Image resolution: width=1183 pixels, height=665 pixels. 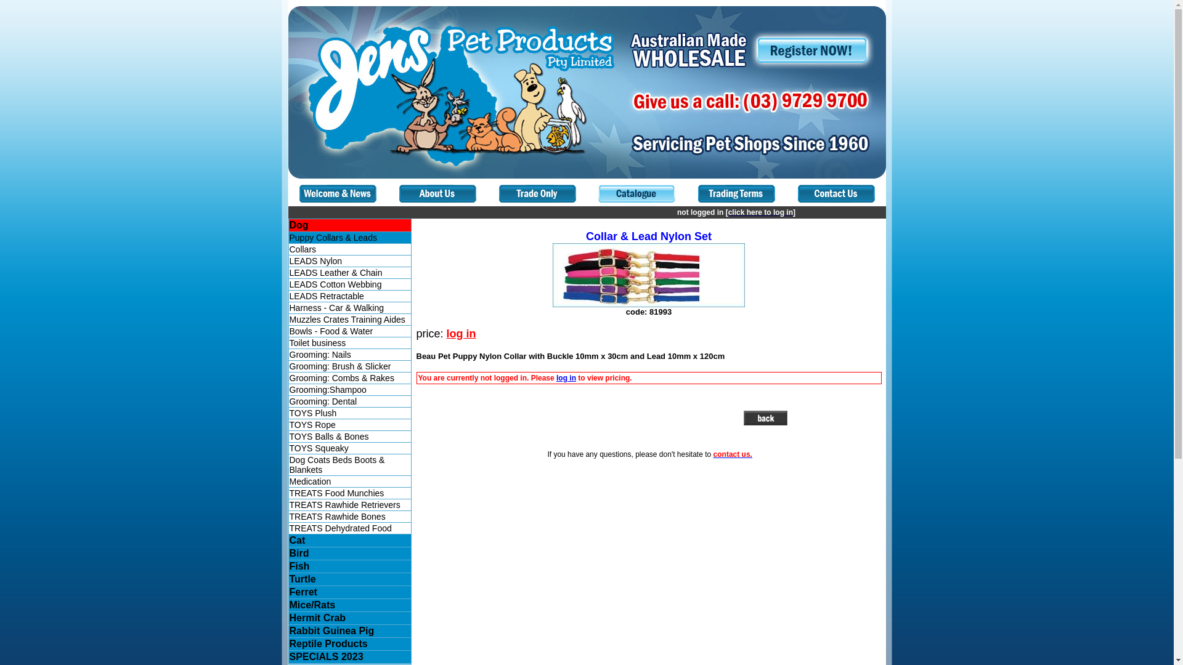 What do you see at coordinates (287, 237) in the screenshot?
I see `'Puppy Collars & Leads'` at bounding box center [287, 237].